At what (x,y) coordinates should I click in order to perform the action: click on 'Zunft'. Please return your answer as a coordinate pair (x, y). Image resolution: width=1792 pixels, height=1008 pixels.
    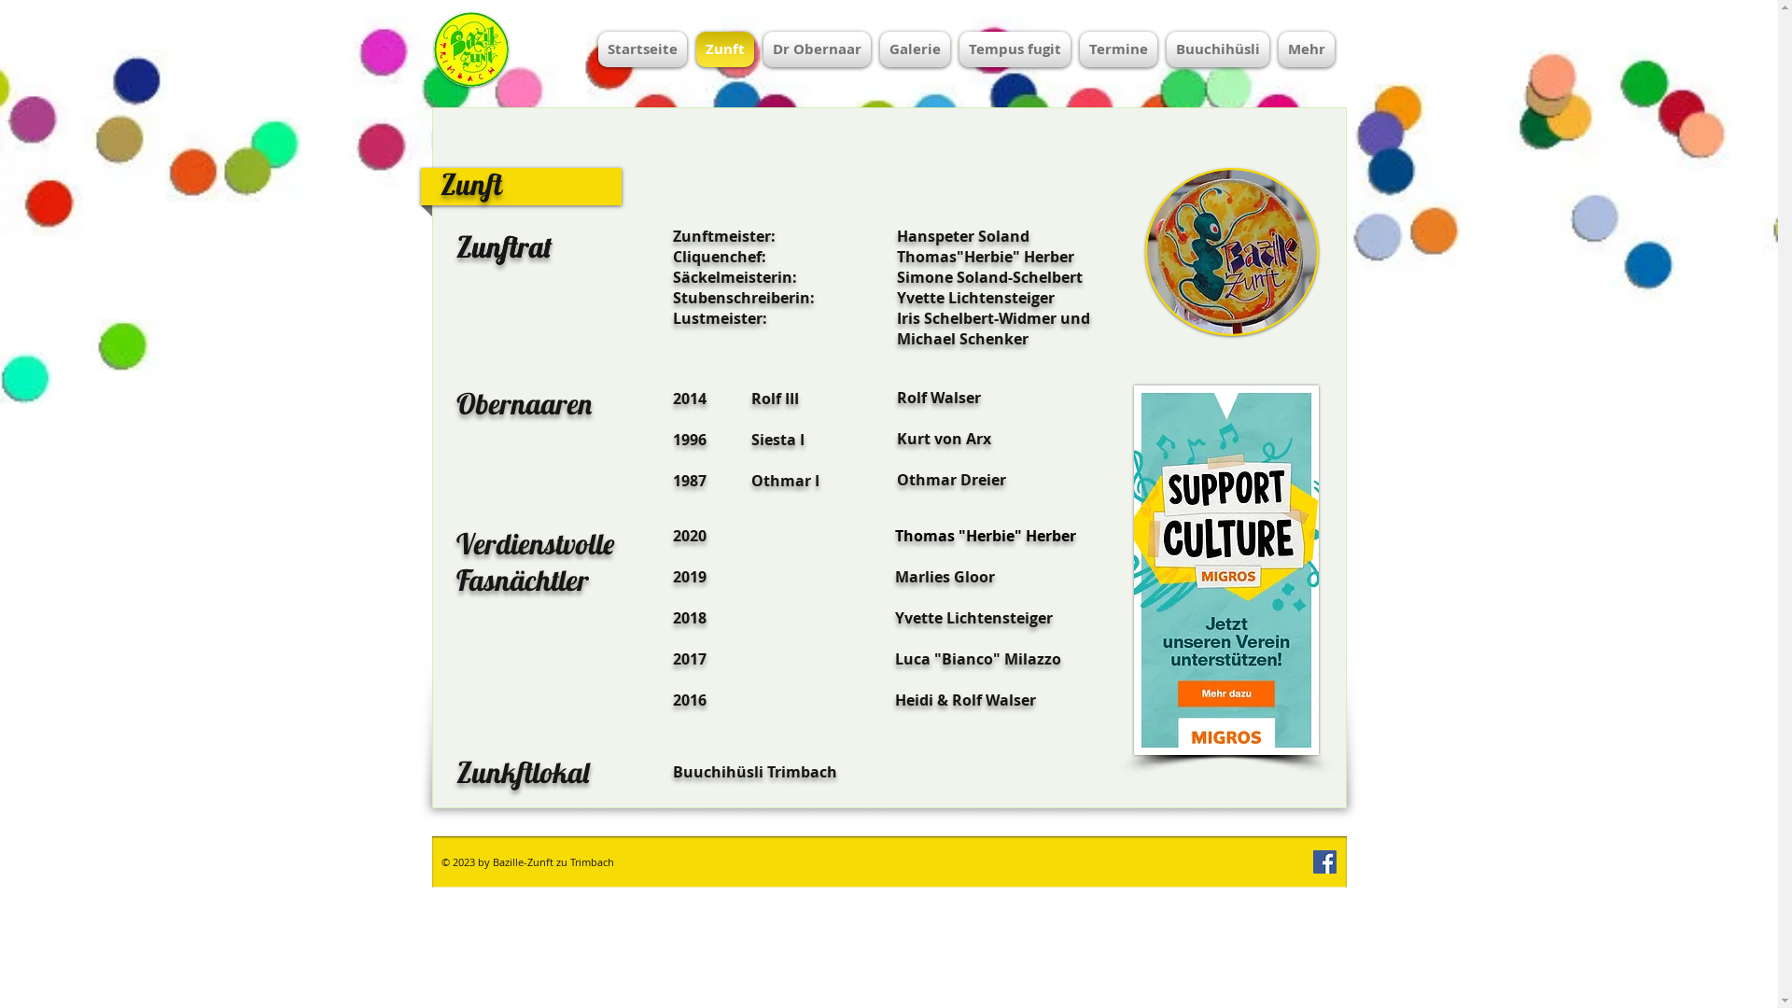
    Looking at the image, I should click on (723, 49).